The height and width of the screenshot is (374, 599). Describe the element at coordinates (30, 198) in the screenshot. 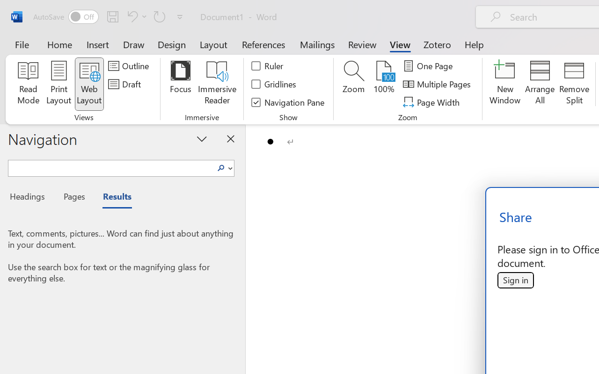

I see `'Headings'` at that location.